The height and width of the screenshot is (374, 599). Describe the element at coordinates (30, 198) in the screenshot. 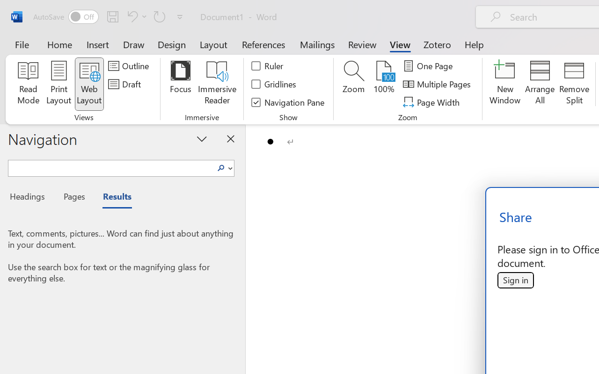

I see `'Headings'` at that location.